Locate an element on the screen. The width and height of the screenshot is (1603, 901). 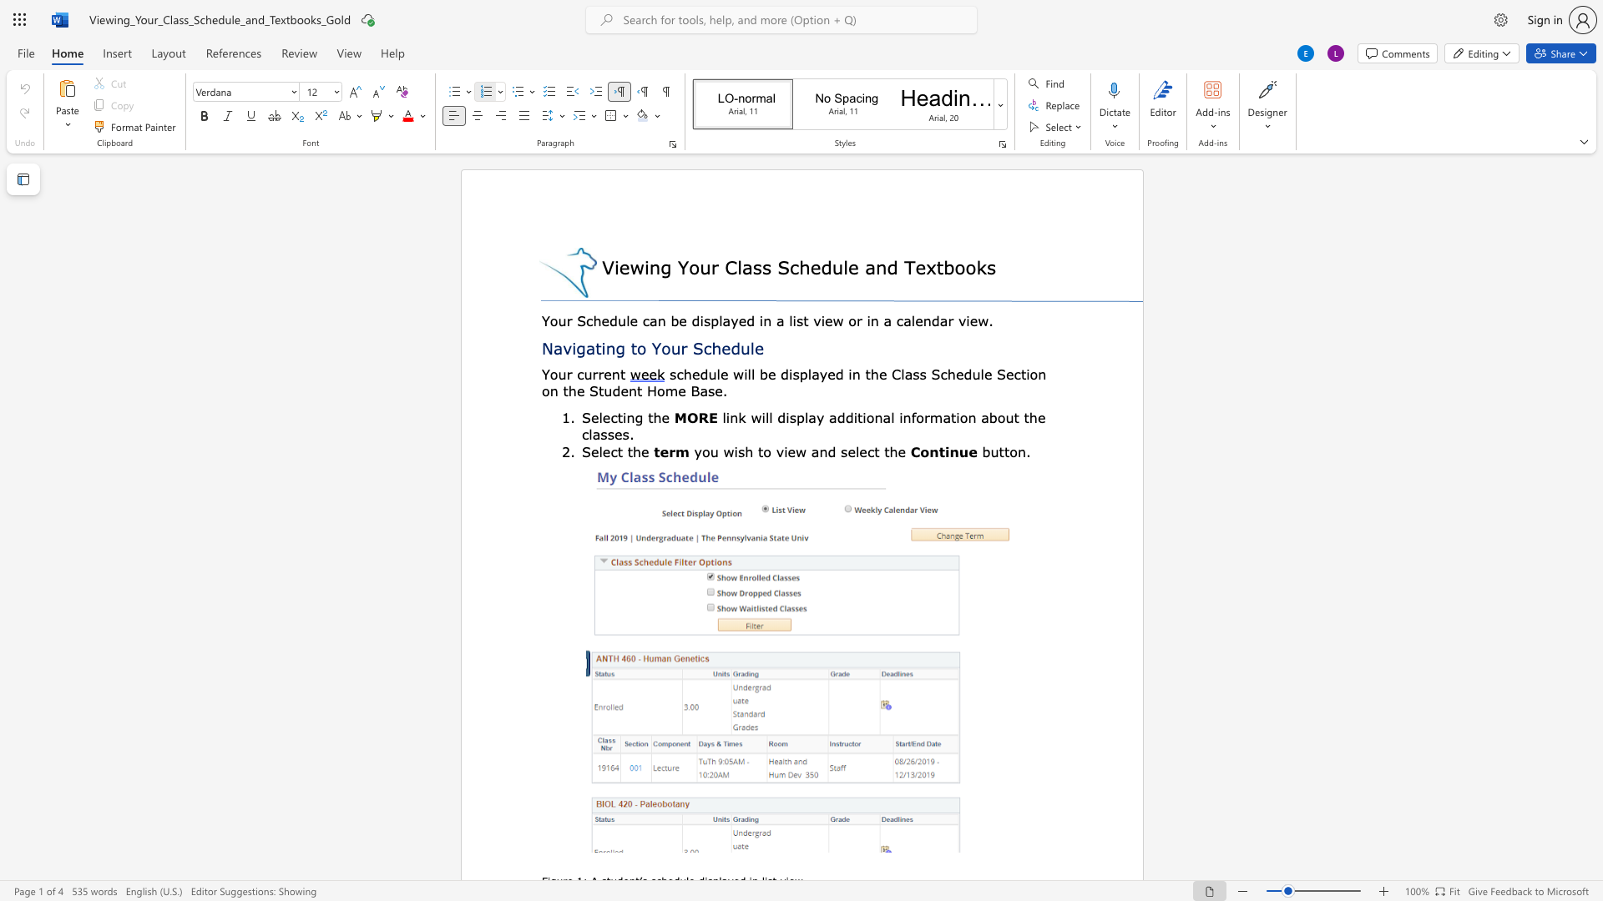
the 1th character "c" in the text is located at coordinates (707, 347).